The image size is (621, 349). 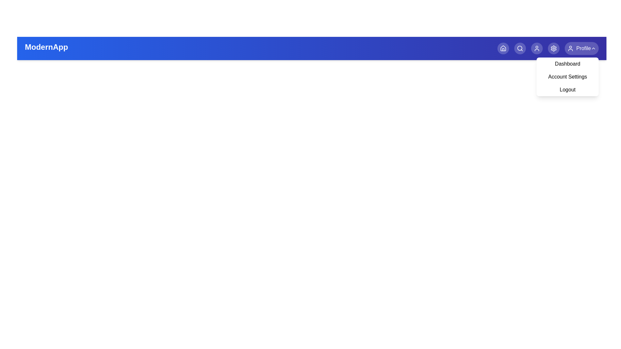 I want to click on the 'Dashboard' option from the Profile menu, so click(x=567, y=64).